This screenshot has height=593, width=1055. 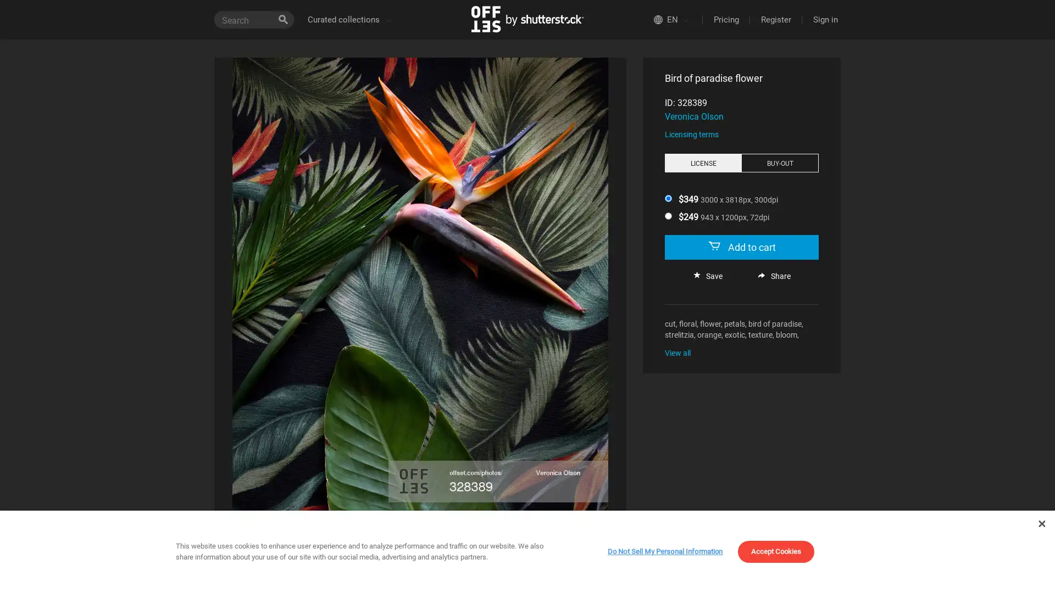 I want to click on Close, so click(x=1041, y=523).